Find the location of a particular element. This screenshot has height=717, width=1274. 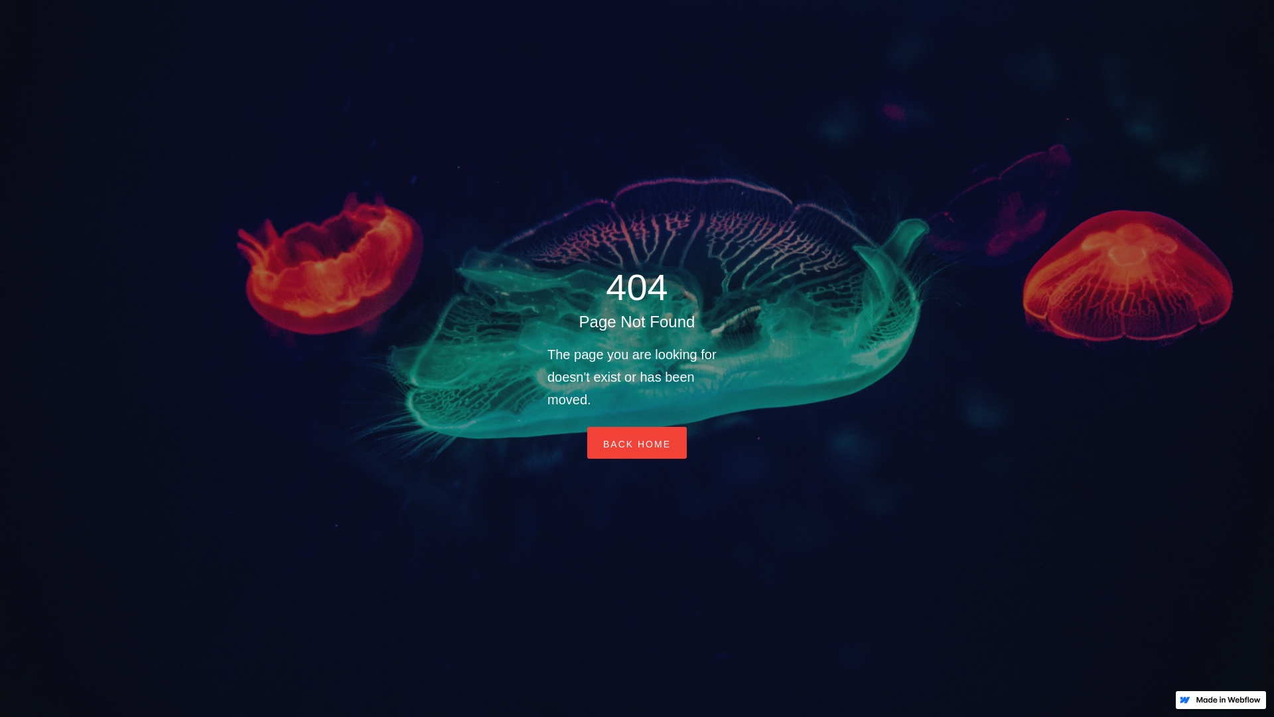

'BACK HOME' is located at coordinates (637, 443).